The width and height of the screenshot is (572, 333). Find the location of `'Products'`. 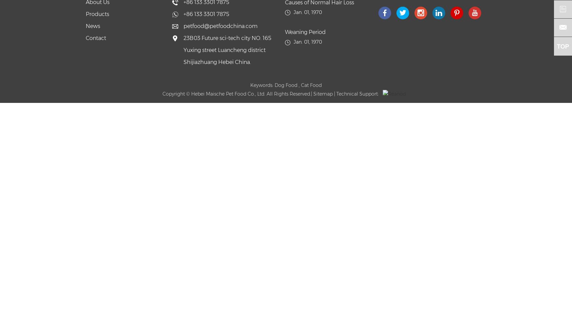

'Products' is located at coordinates (97, 14).